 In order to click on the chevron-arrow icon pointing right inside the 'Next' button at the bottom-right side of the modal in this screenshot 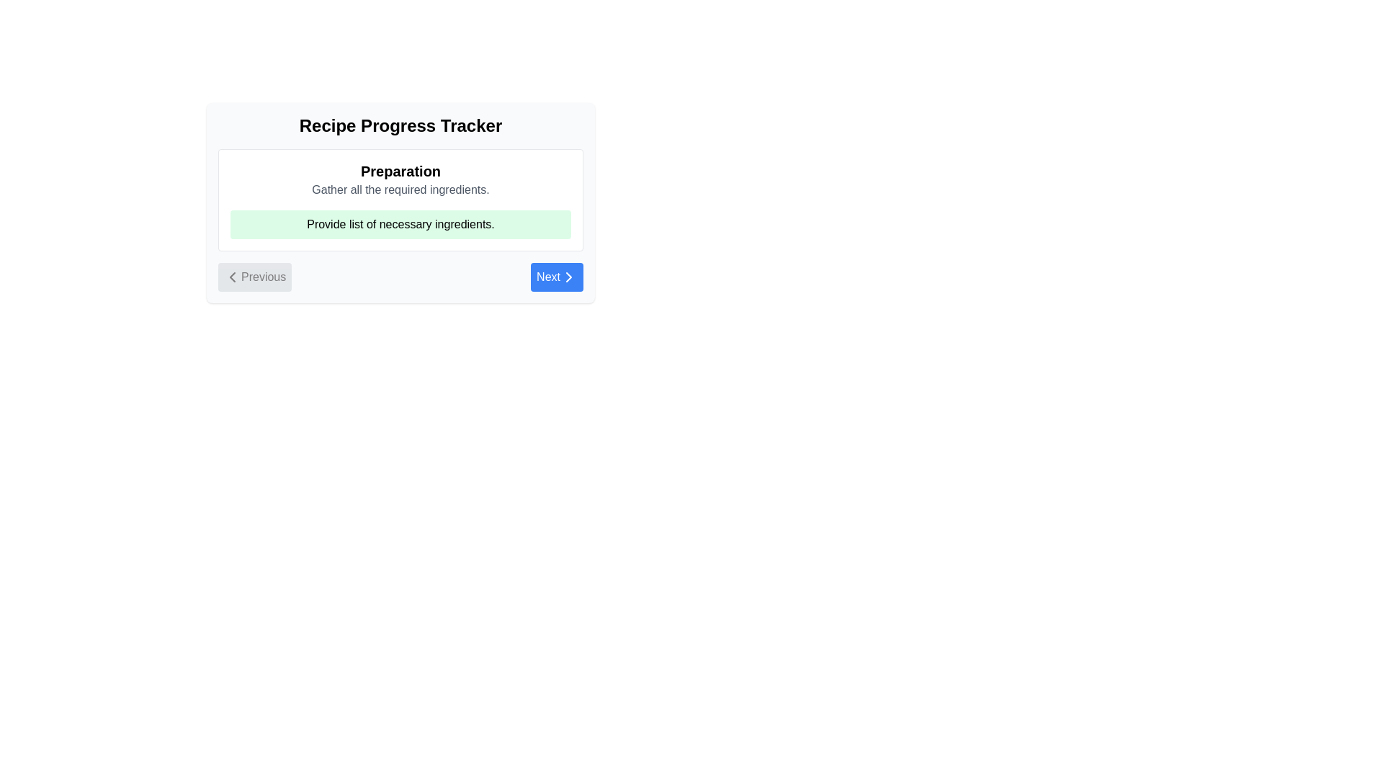, I will do `click(568, 277)`.